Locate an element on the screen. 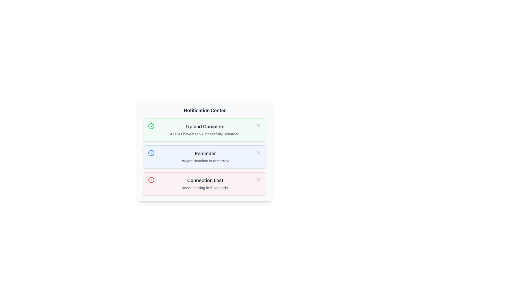  the second notification card in the Notification Center titled 'Reminder', which has a light-blue background and displays the message 'Project deadline is tomorrow.' is located at coordinates (205, 156).